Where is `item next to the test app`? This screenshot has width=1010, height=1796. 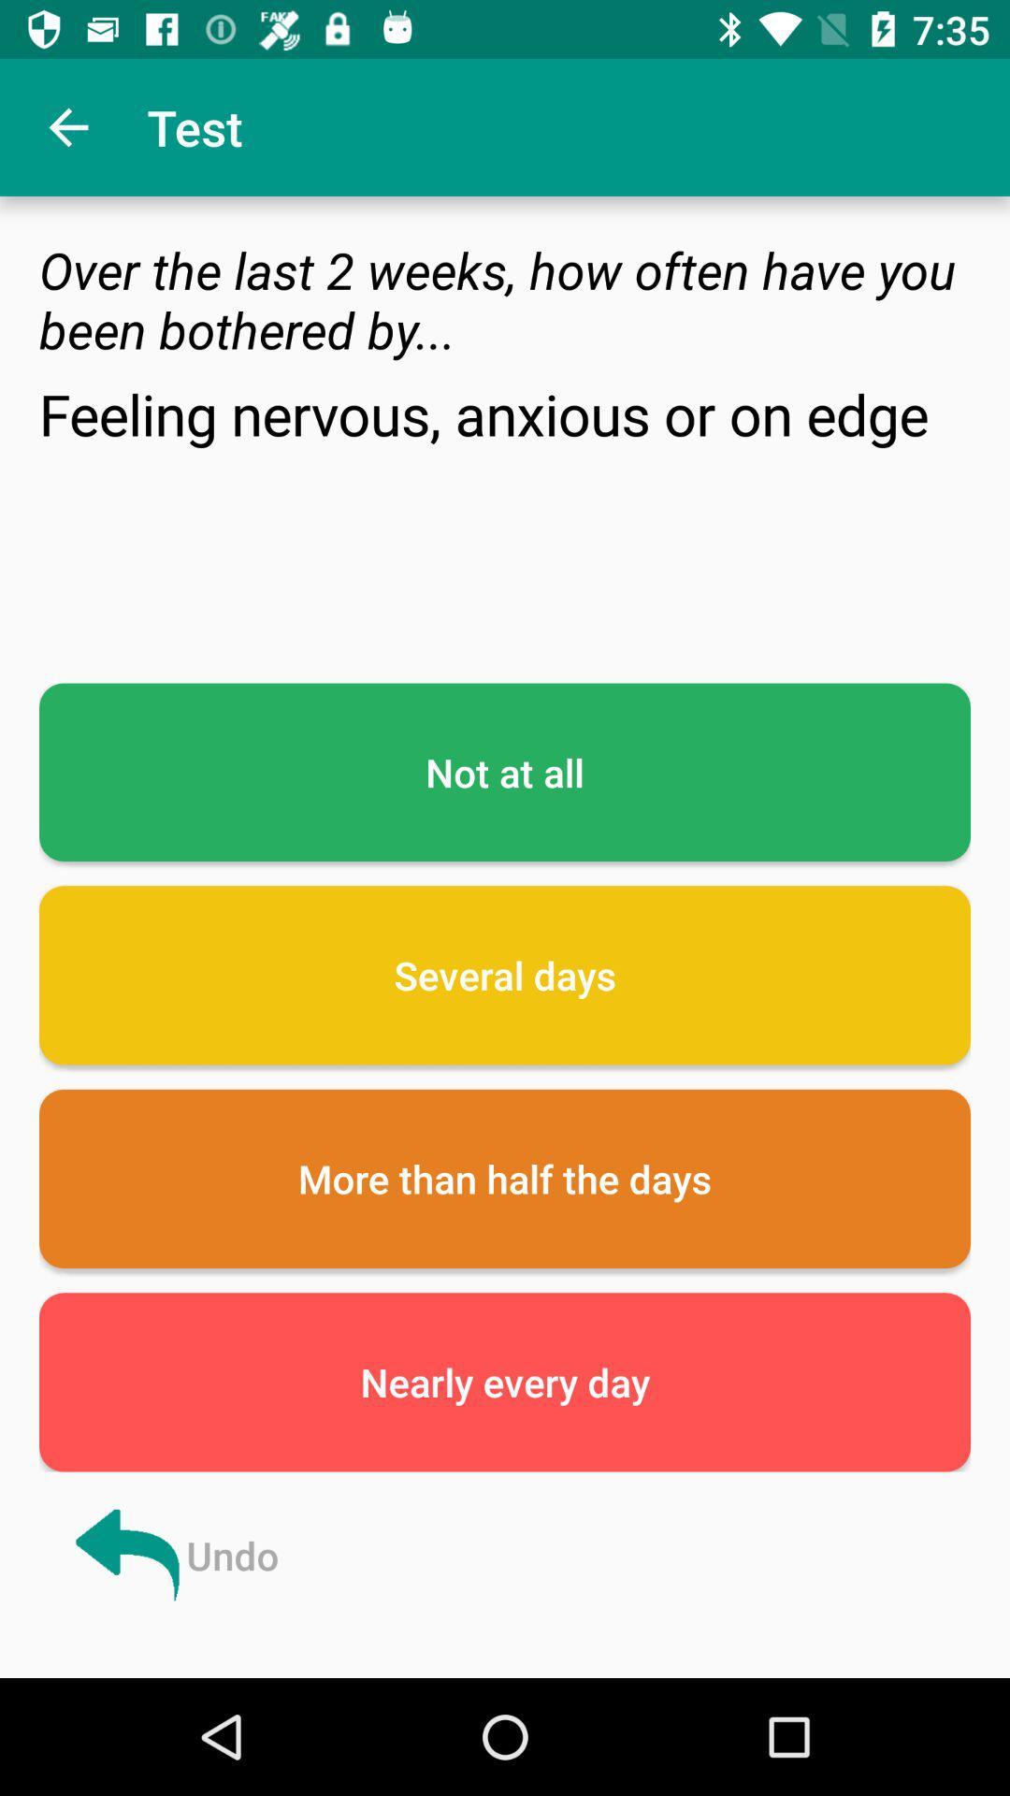
item next to the test app is located at coordinates (67, 126).